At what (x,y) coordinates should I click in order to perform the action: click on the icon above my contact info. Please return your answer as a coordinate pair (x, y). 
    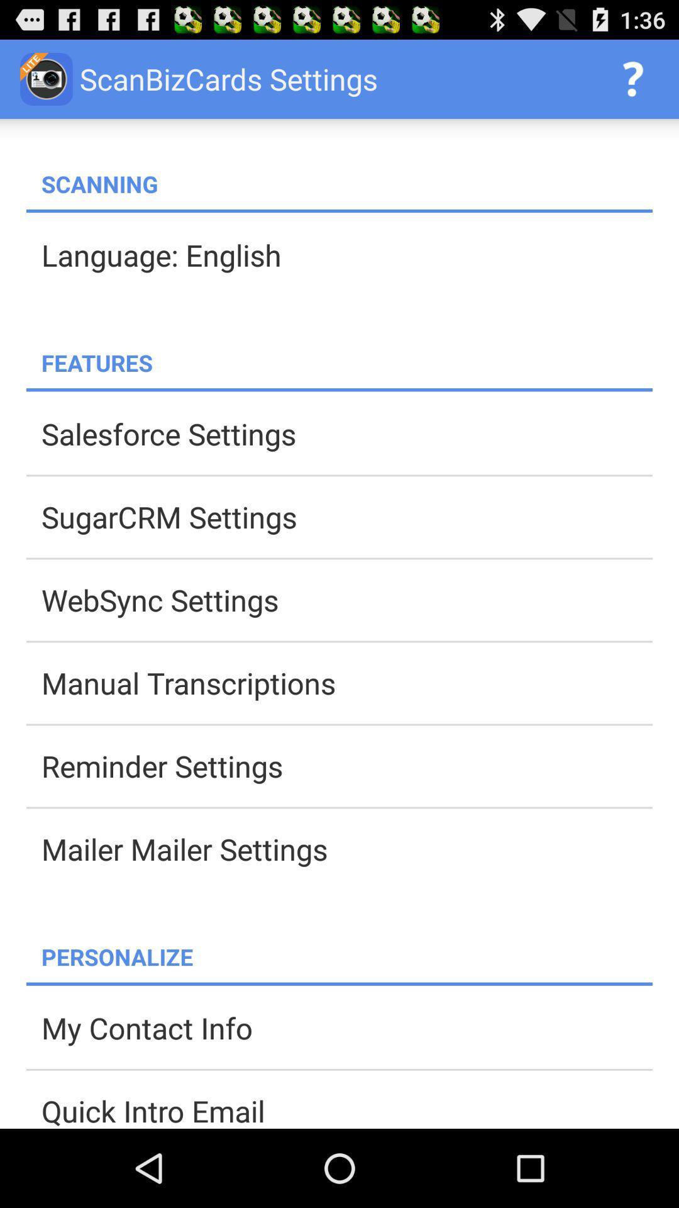
    Looking at the image, I should click on (339, 983).